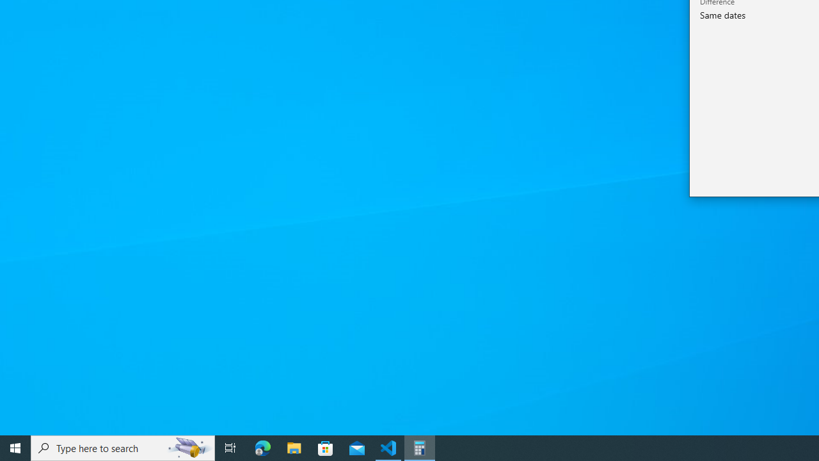 The width and height of the screenshot is (819, 461). Describe the element at coordinates (230, 447) in the screenshot. I see `'Task View'` at that location.